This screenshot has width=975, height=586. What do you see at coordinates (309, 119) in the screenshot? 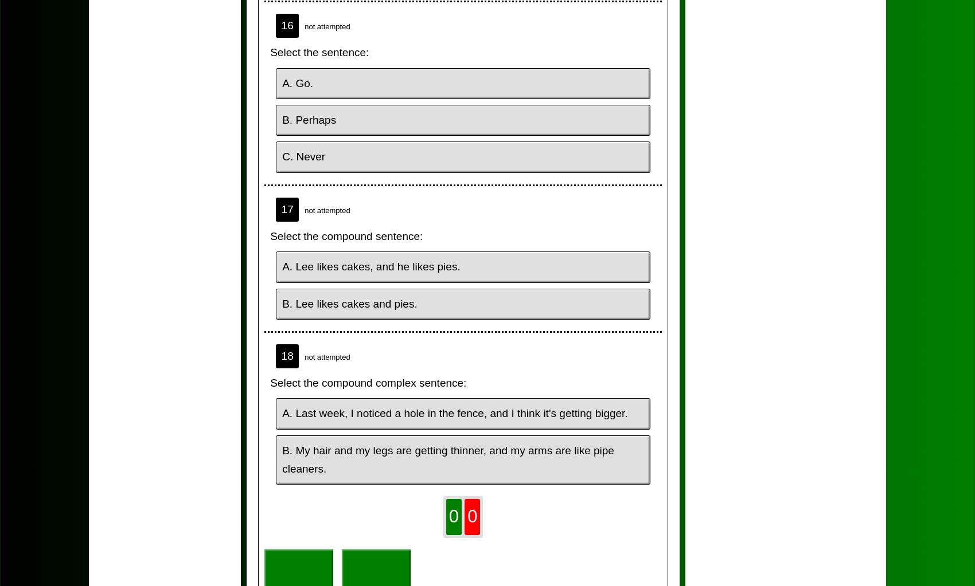
I see `'B. Perhaps'` at bounding box center [309, 119].